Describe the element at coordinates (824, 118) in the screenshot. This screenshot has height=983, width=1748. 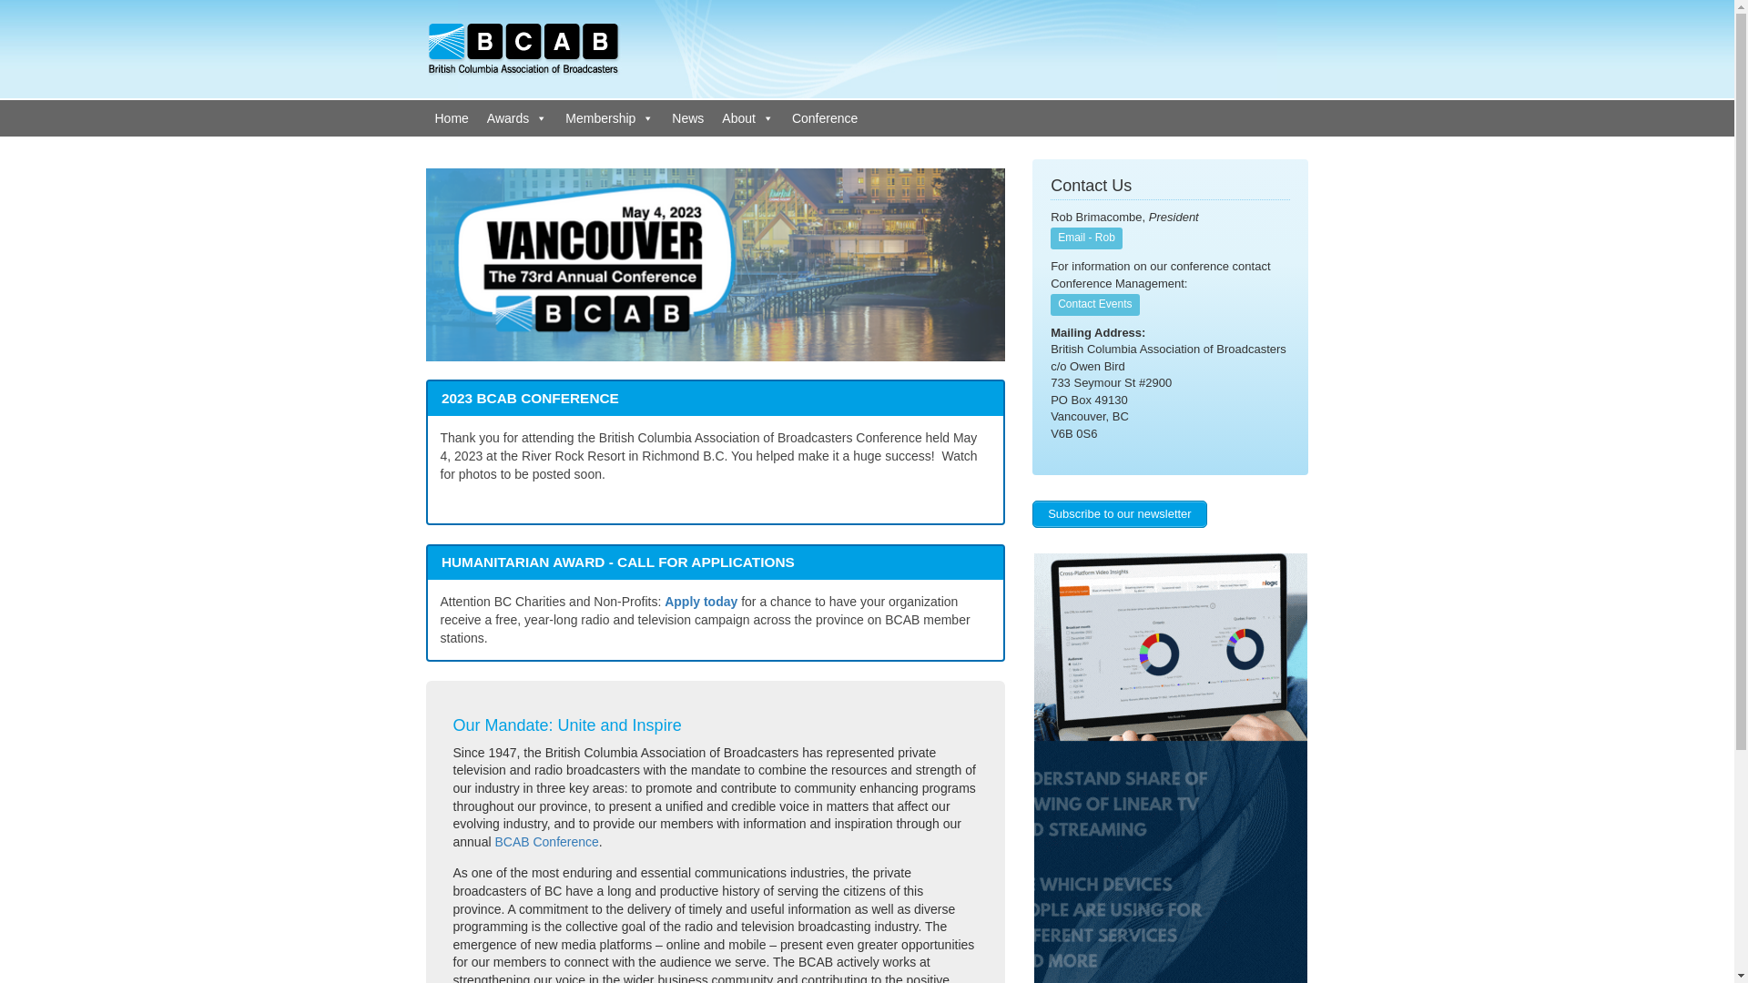
I see `'Conference'` at that location.